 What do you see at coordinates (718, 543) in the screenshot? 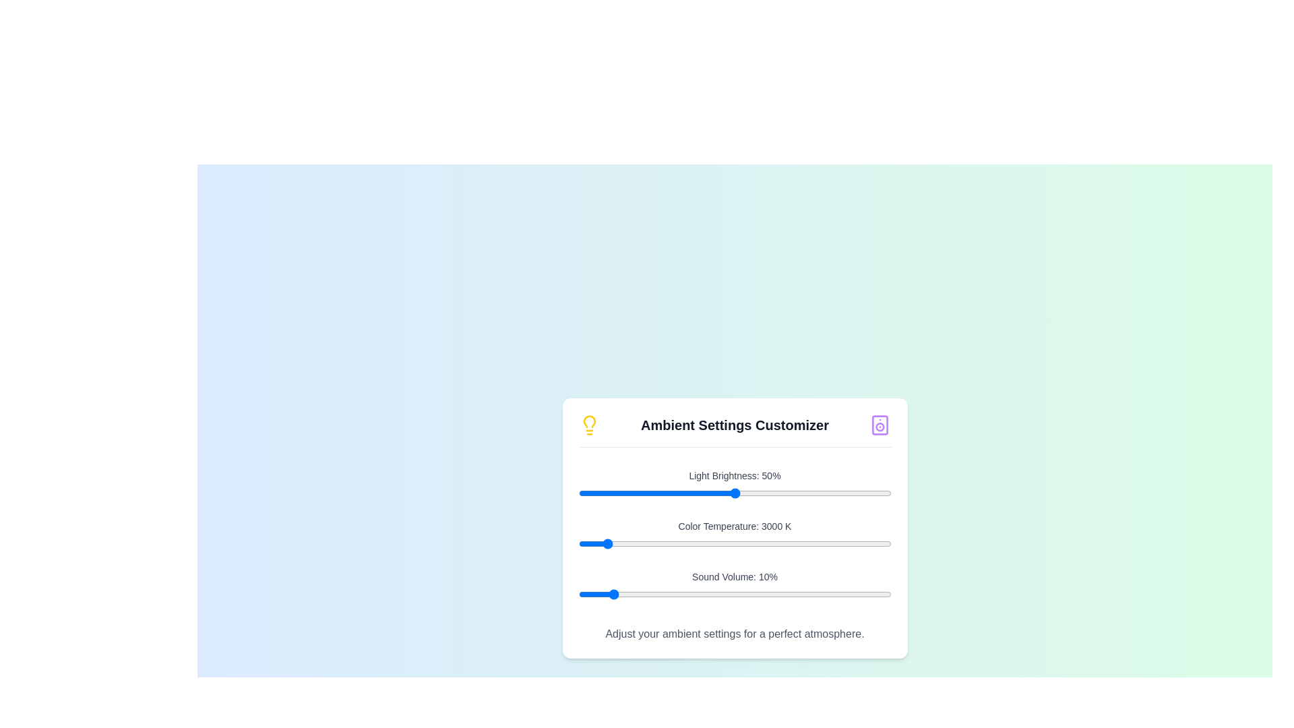
I see `the color temperature` at bounding box center [718, 543].